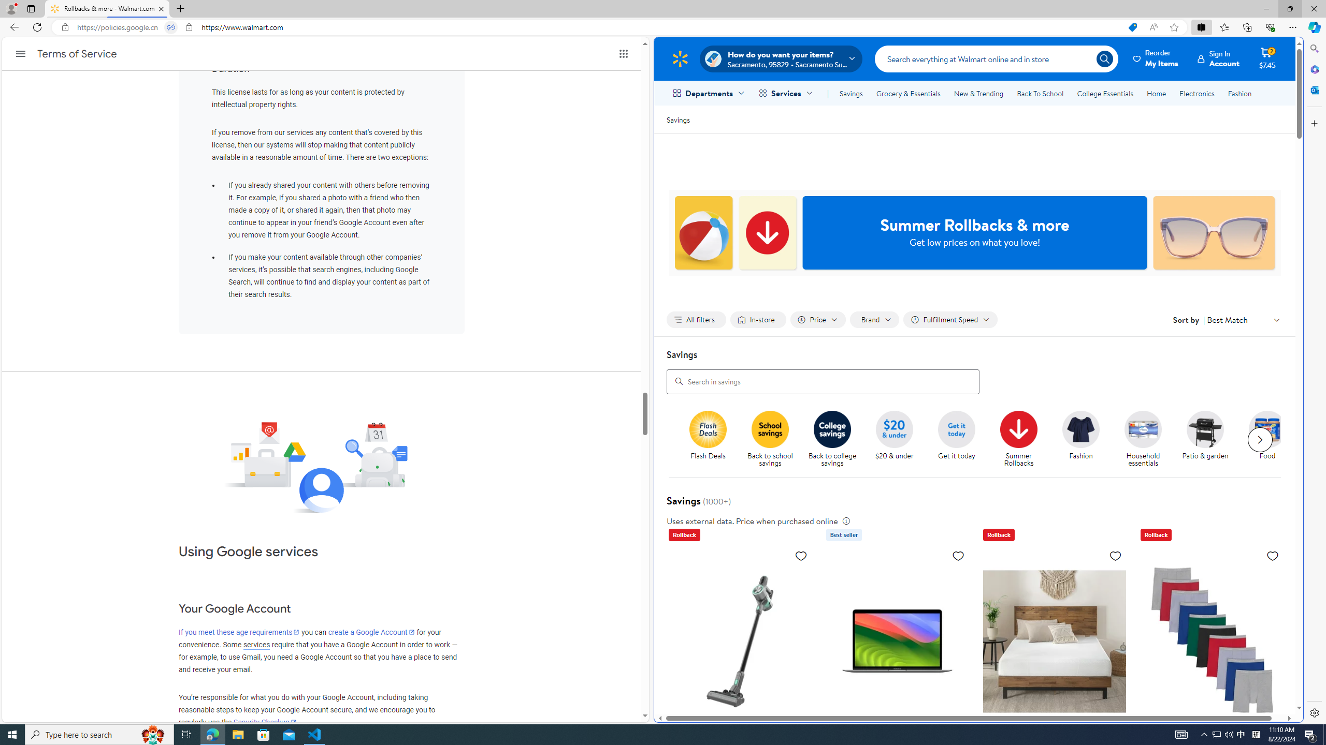 The width and height of the screenshot is (1326, 745). Describe the element at coordinates (1156, 58) in the screenshot. I see `'ReorderMy Items'` at that location.